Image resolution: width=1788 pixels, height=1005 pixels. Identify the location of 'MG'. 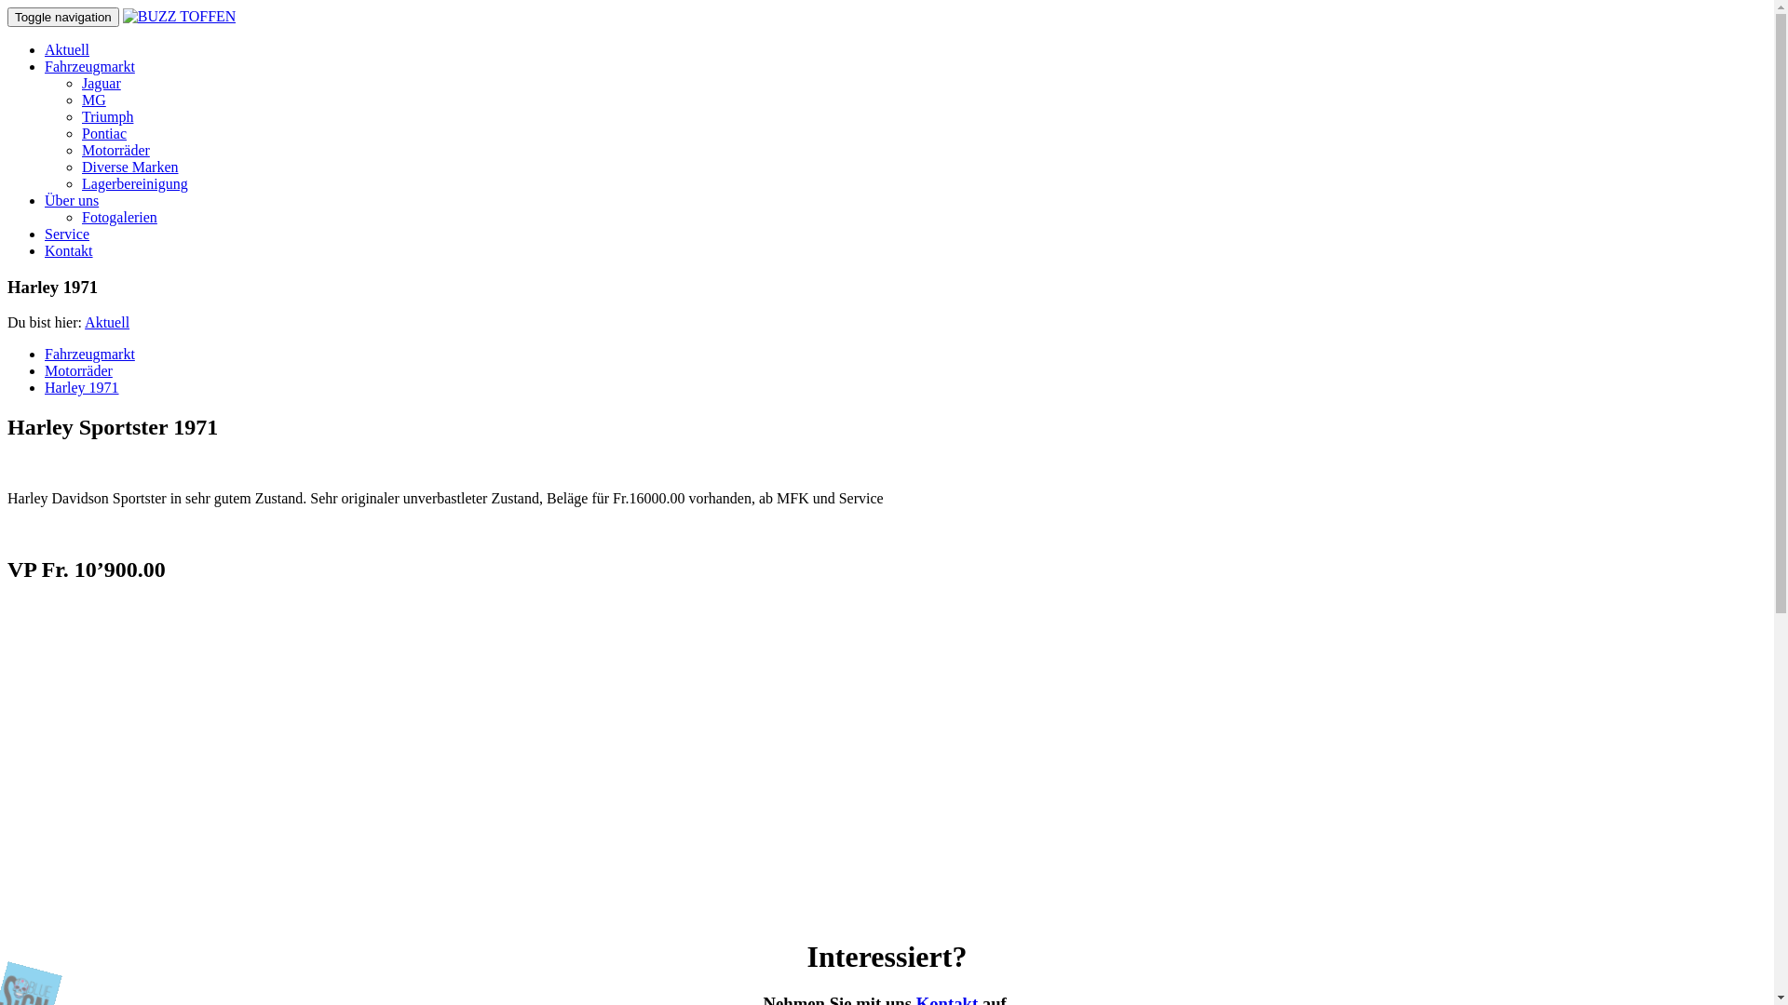
(80, 100).